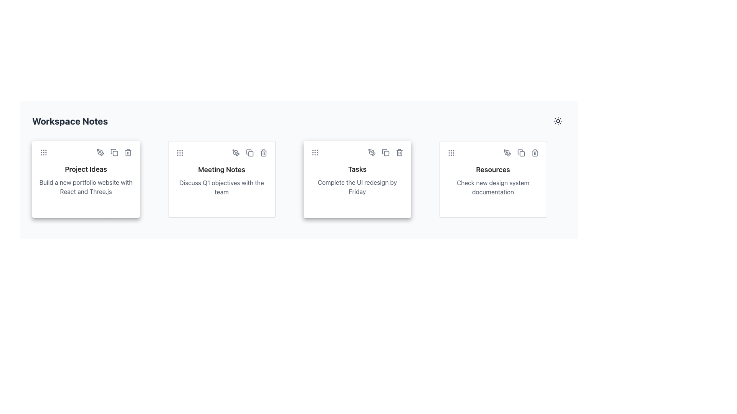 The height and width of the screenshot is (414, 737). Describe the element at coordinates (385, 151) in the screenshot. I see `the second icon in the action toolbar of the 'Tasks' card in the 'Workspace Notes' section, which resembles a clipboard with rounded edges` at that location.